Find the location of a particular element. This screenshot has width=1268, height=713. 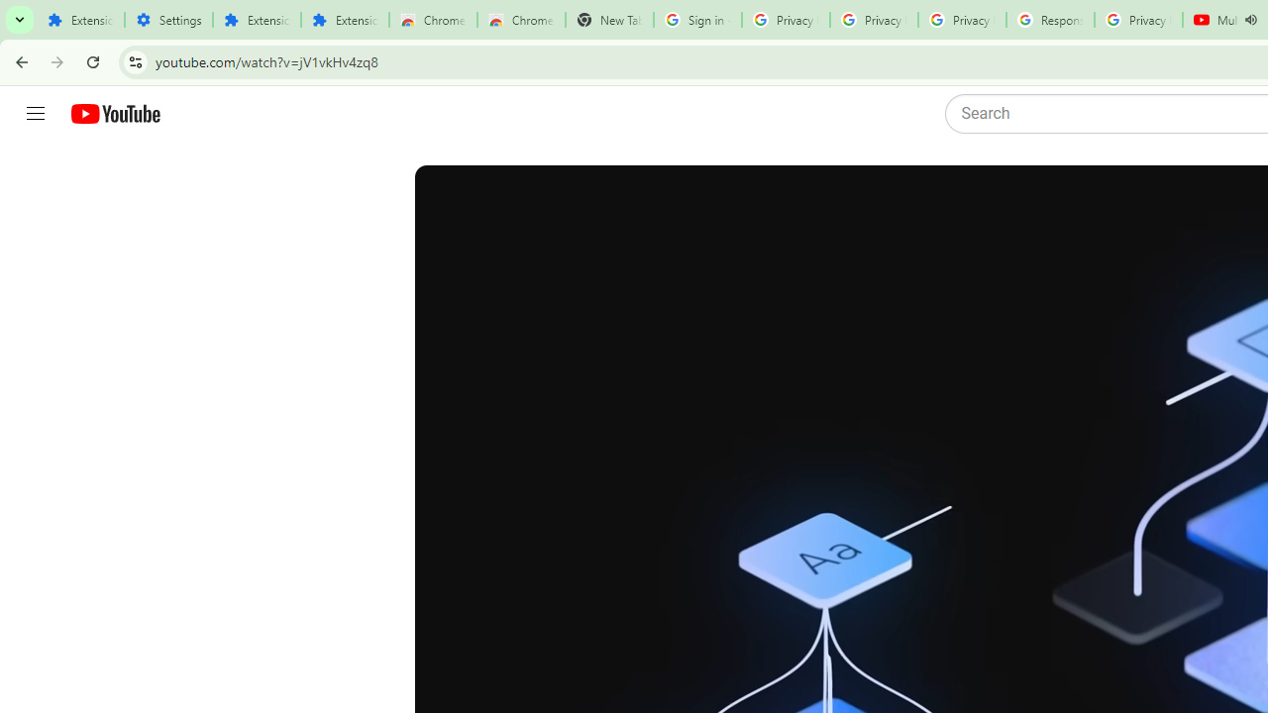

'Sign in - Google Accounts' is located at coordinates (697, 20).